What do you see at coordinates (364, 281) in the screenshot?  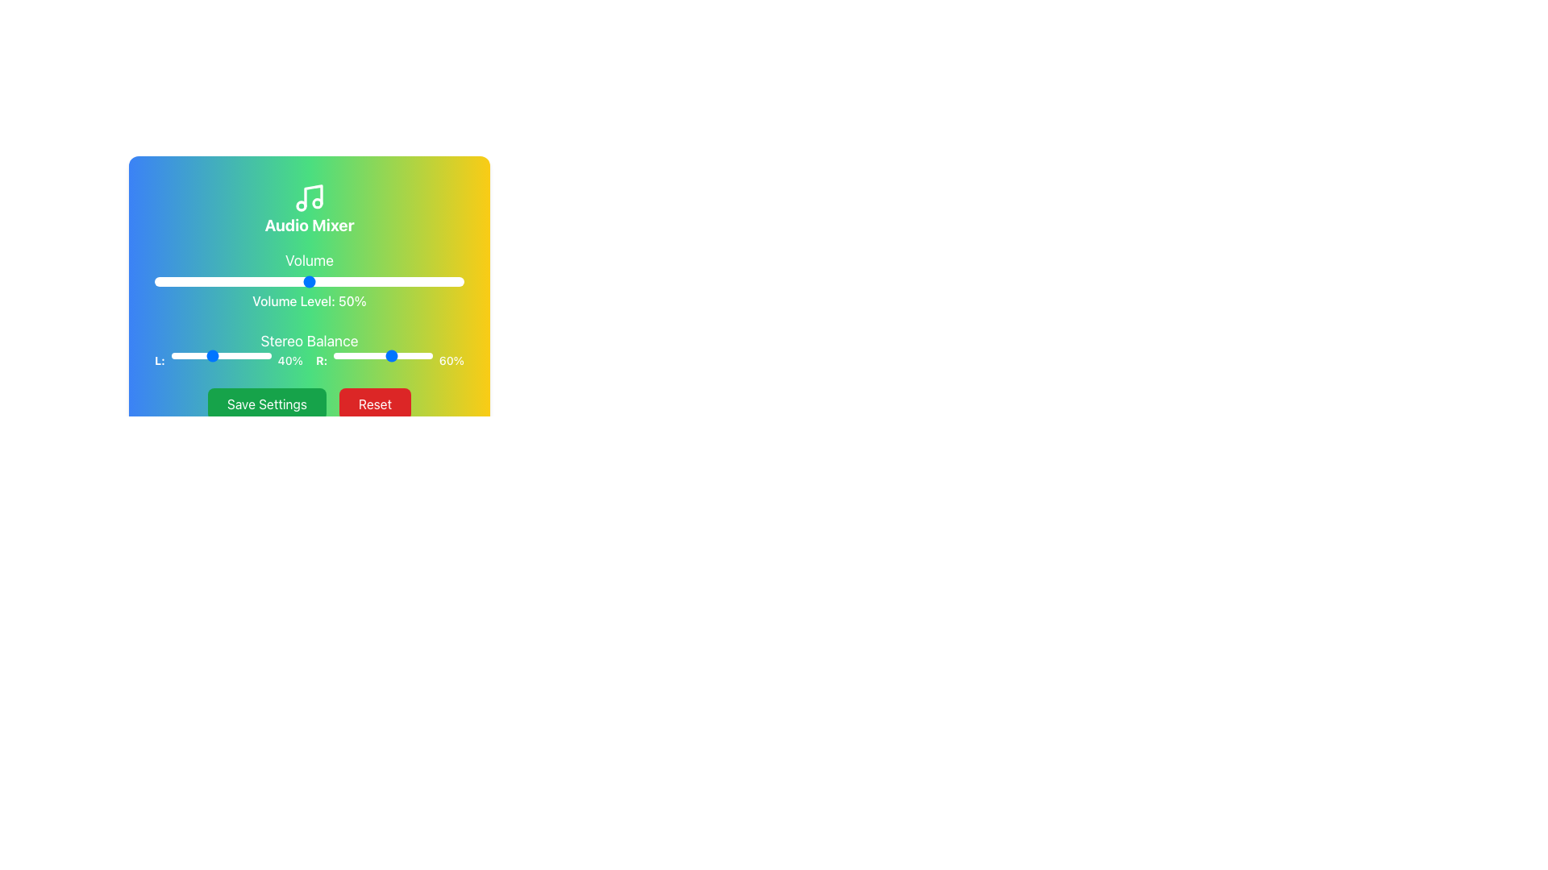 I see `the volume` at bounding box center [364, 281].